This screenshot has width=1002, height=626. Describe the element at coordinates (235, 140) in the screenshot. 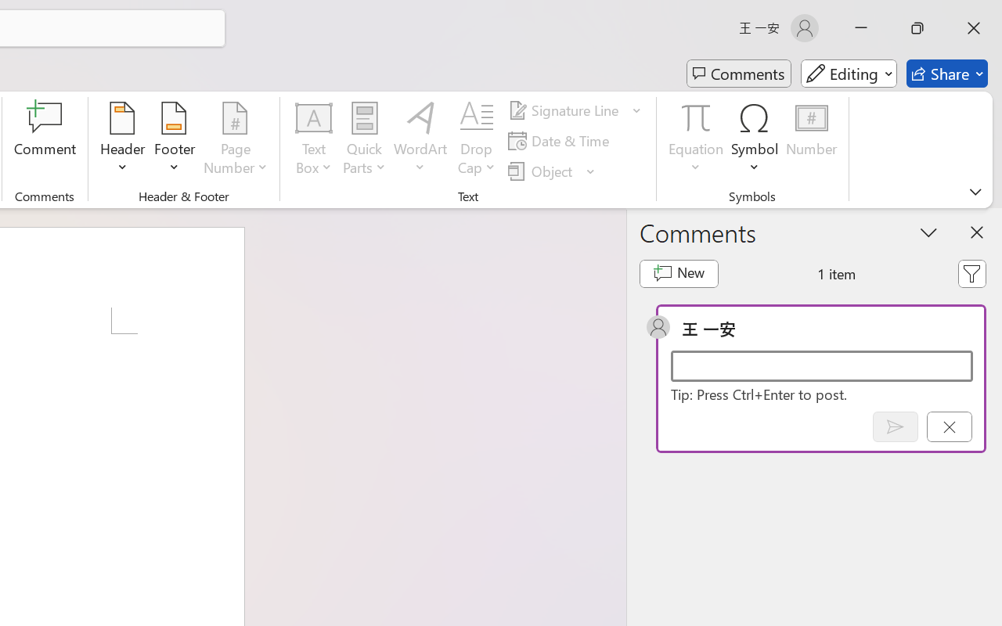

I see `'Page Number'` at that location.